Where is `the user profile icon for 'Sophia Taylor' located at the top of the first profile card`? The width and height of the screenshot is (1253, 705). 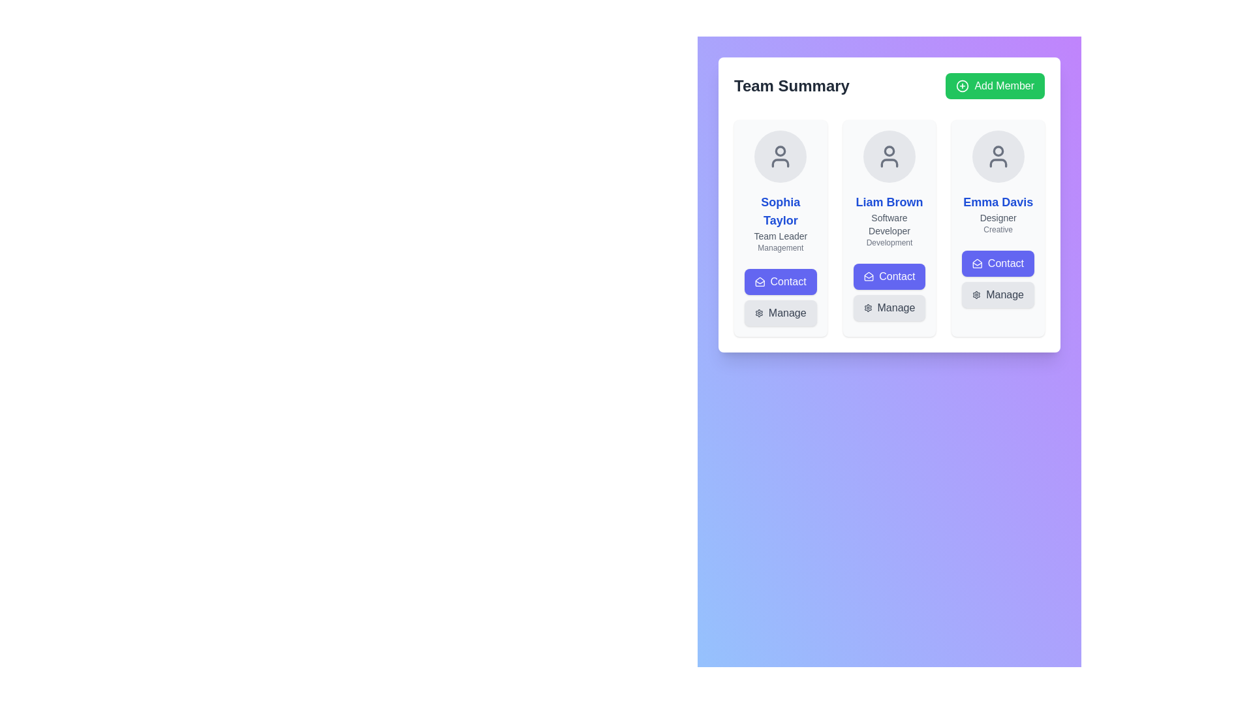 the user profile icon for 'Sophia Taylor' located at the top of the first profile card is located at coordinates (781, 155).